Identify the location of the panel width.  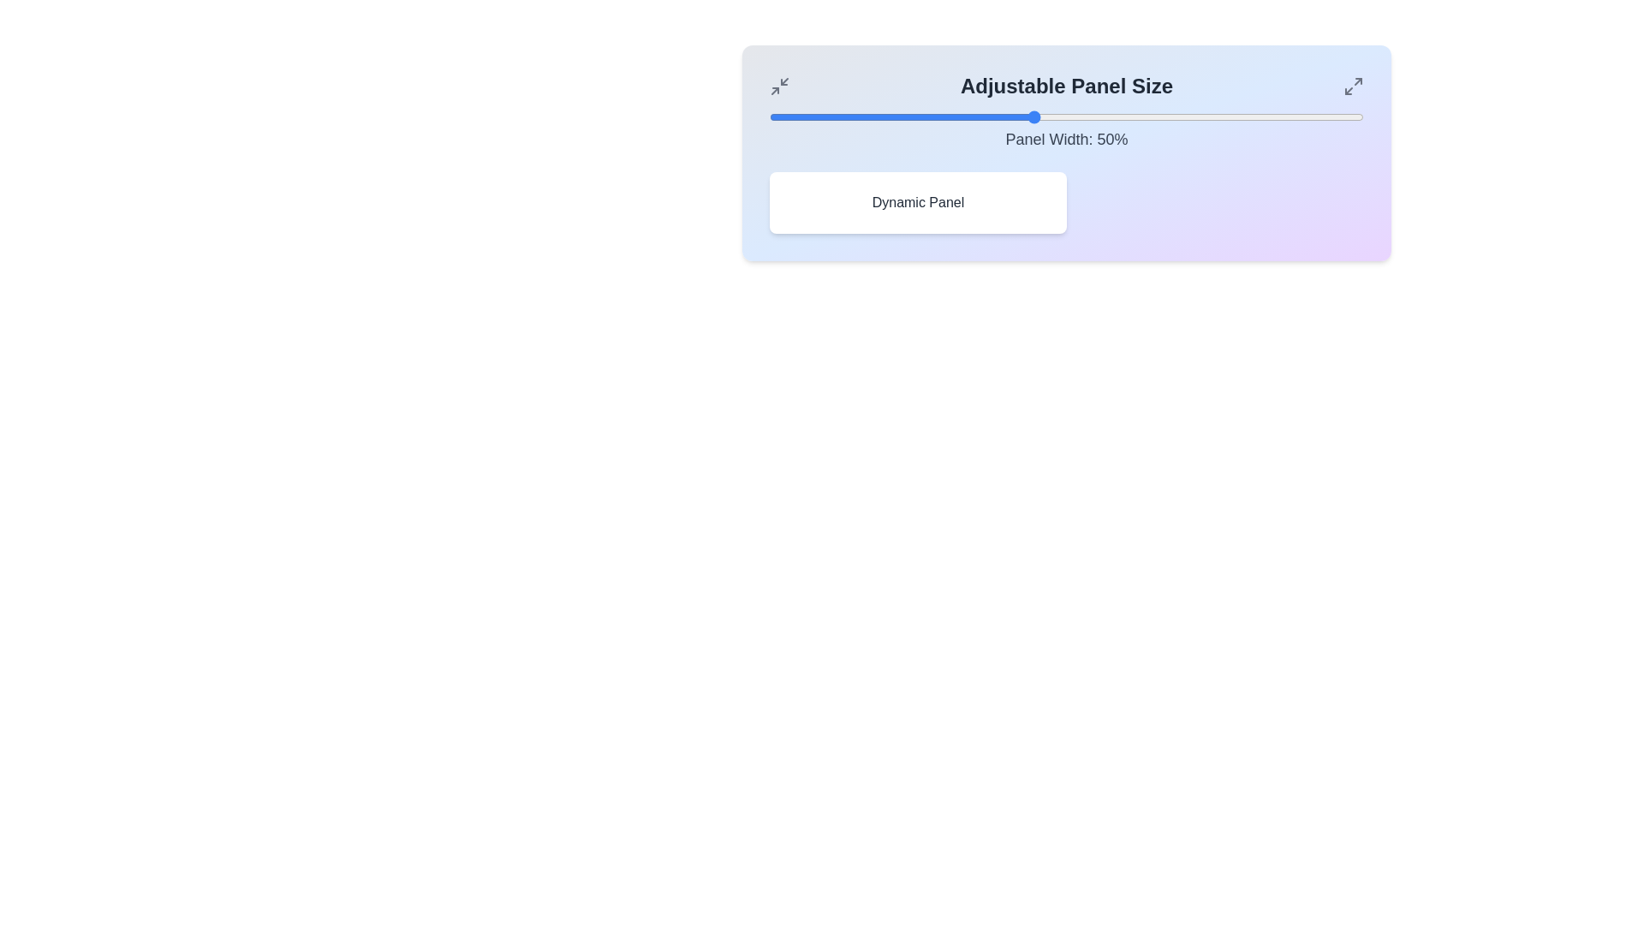
(1238, 116).